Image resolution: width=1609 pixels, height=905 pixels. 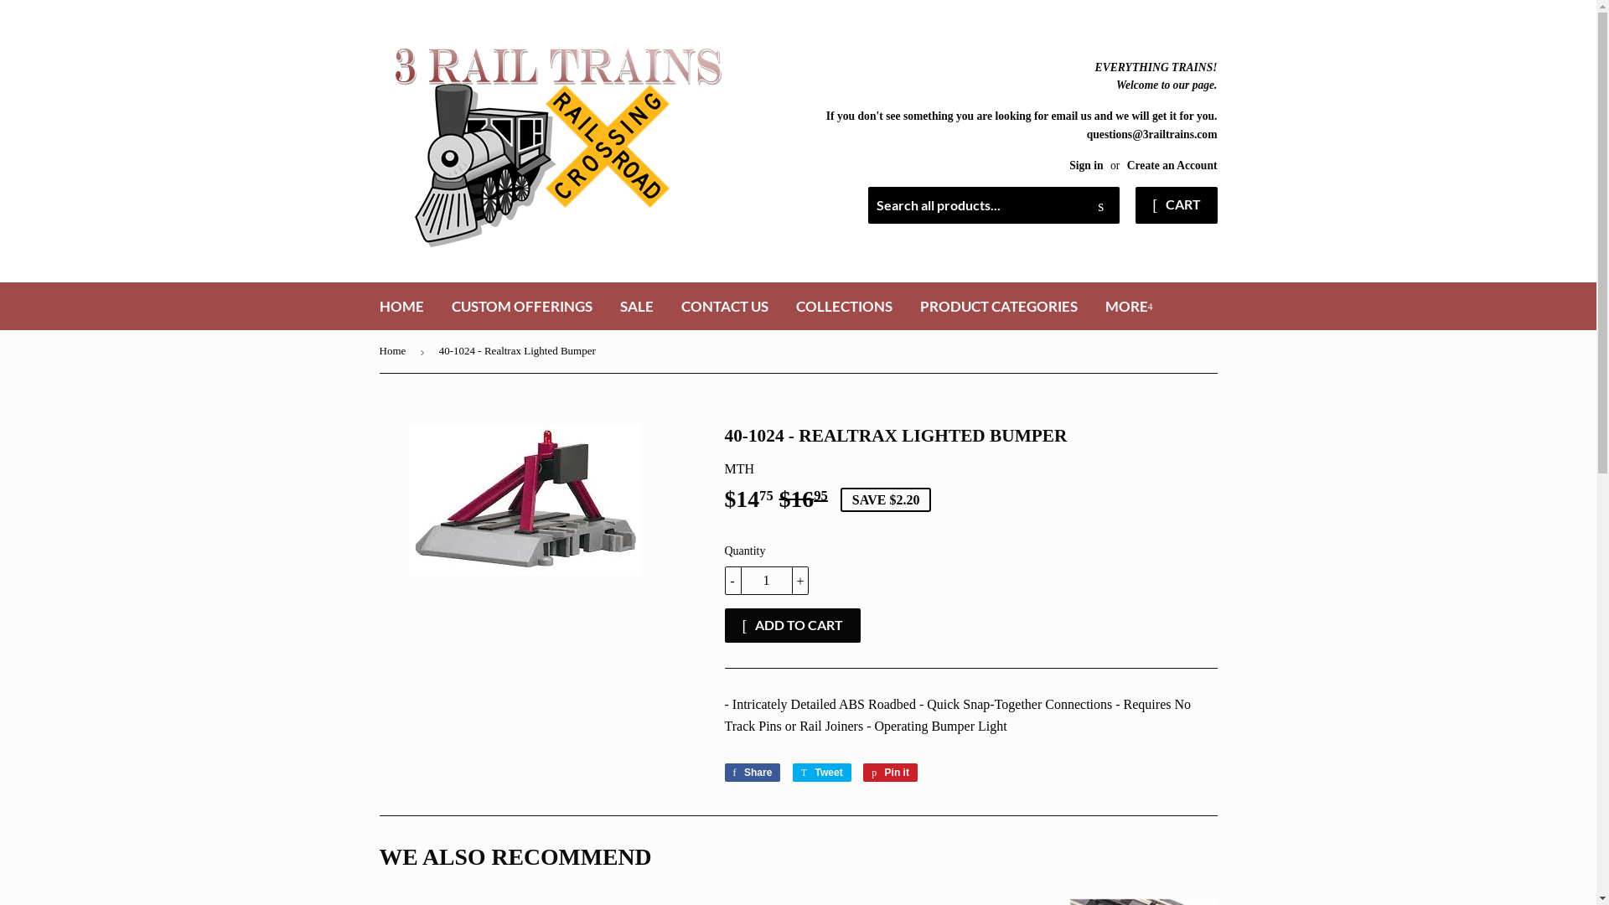 I want to click on 'Home', so click(x=394, y=350).